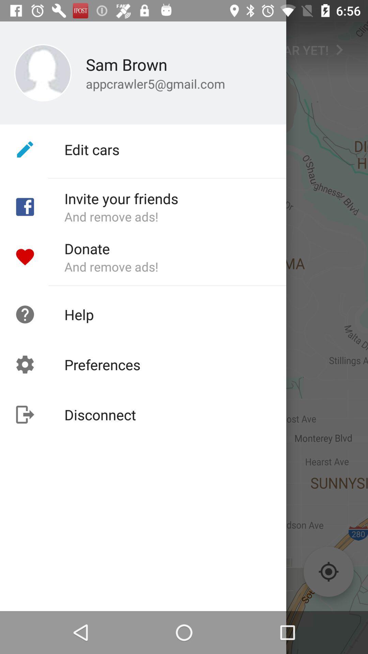  I want to click on the avatar icon, so click(25, 46).